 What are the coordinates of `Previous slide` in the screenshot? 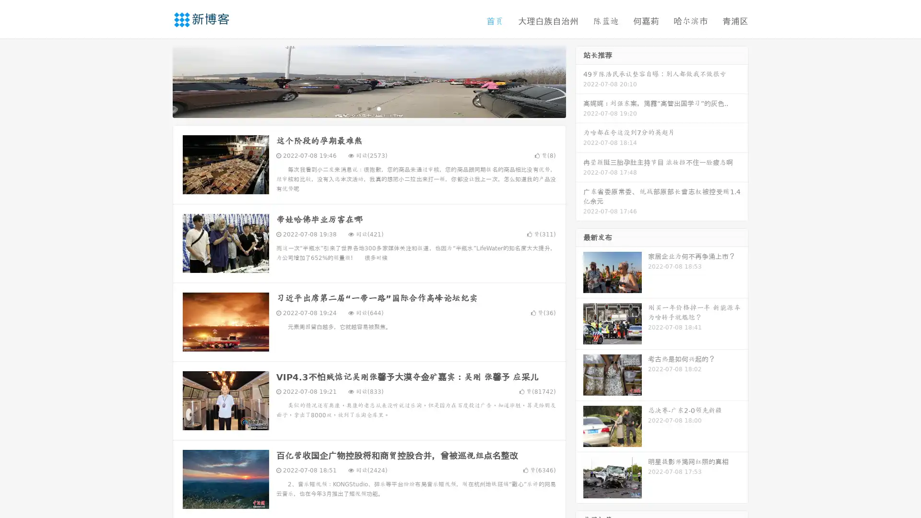 It's located at (158, 81).